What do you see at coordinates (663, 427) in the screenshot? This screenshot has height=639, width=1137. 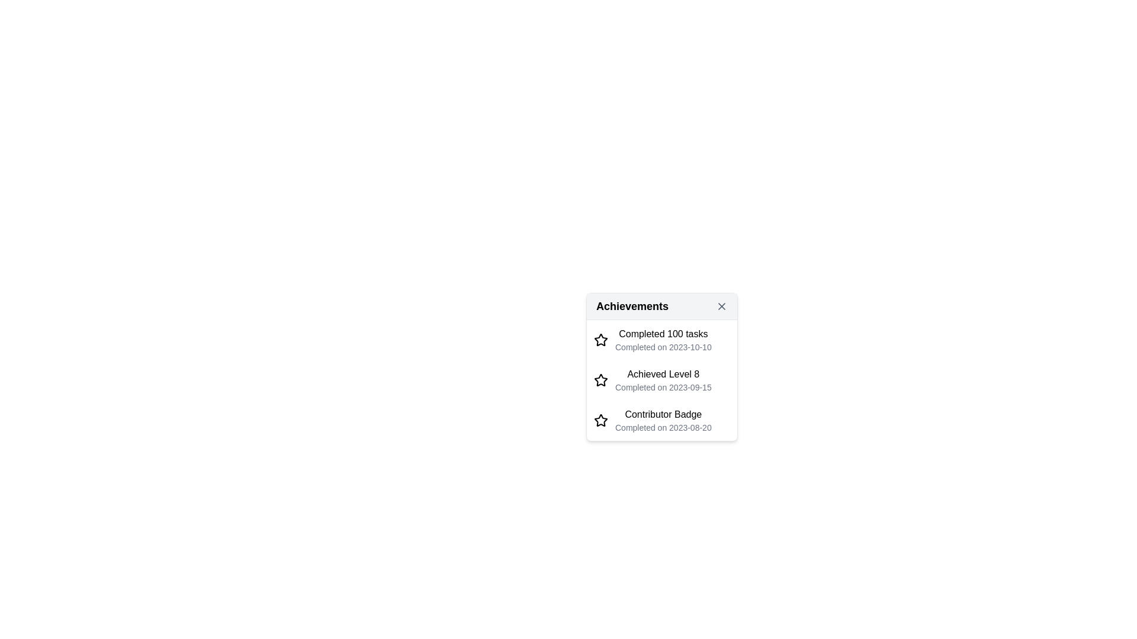 I see `the static text element that reads 'Completed on 2023-08-20', which is located below the 'Contributor Badge' in the 'Achievements' modal` at bounding box center [663, 427].